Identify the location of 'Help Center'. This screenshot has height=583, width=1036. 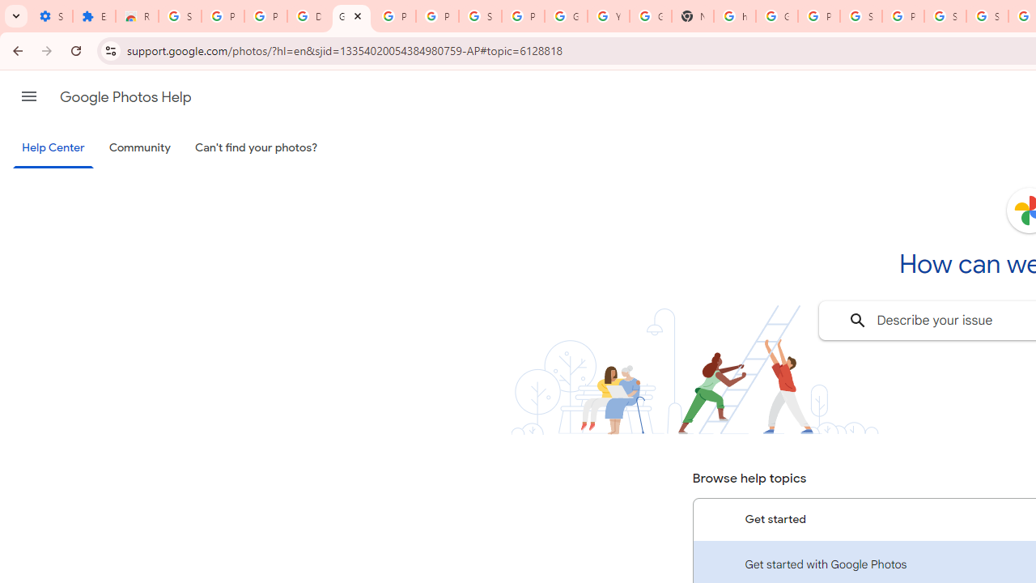
(53, 148).